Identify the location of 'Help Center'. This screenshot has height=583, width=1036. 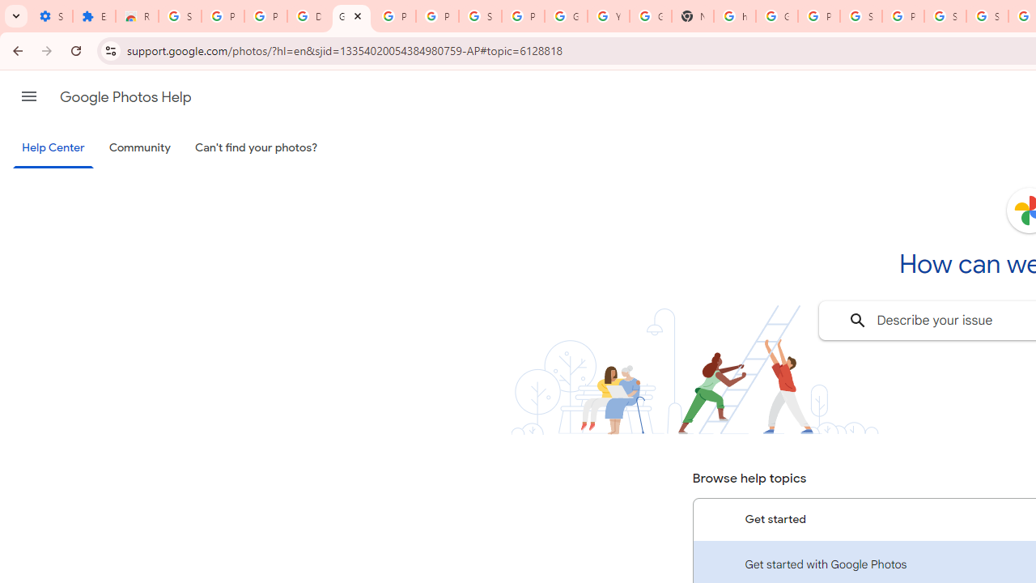
(53, 148).